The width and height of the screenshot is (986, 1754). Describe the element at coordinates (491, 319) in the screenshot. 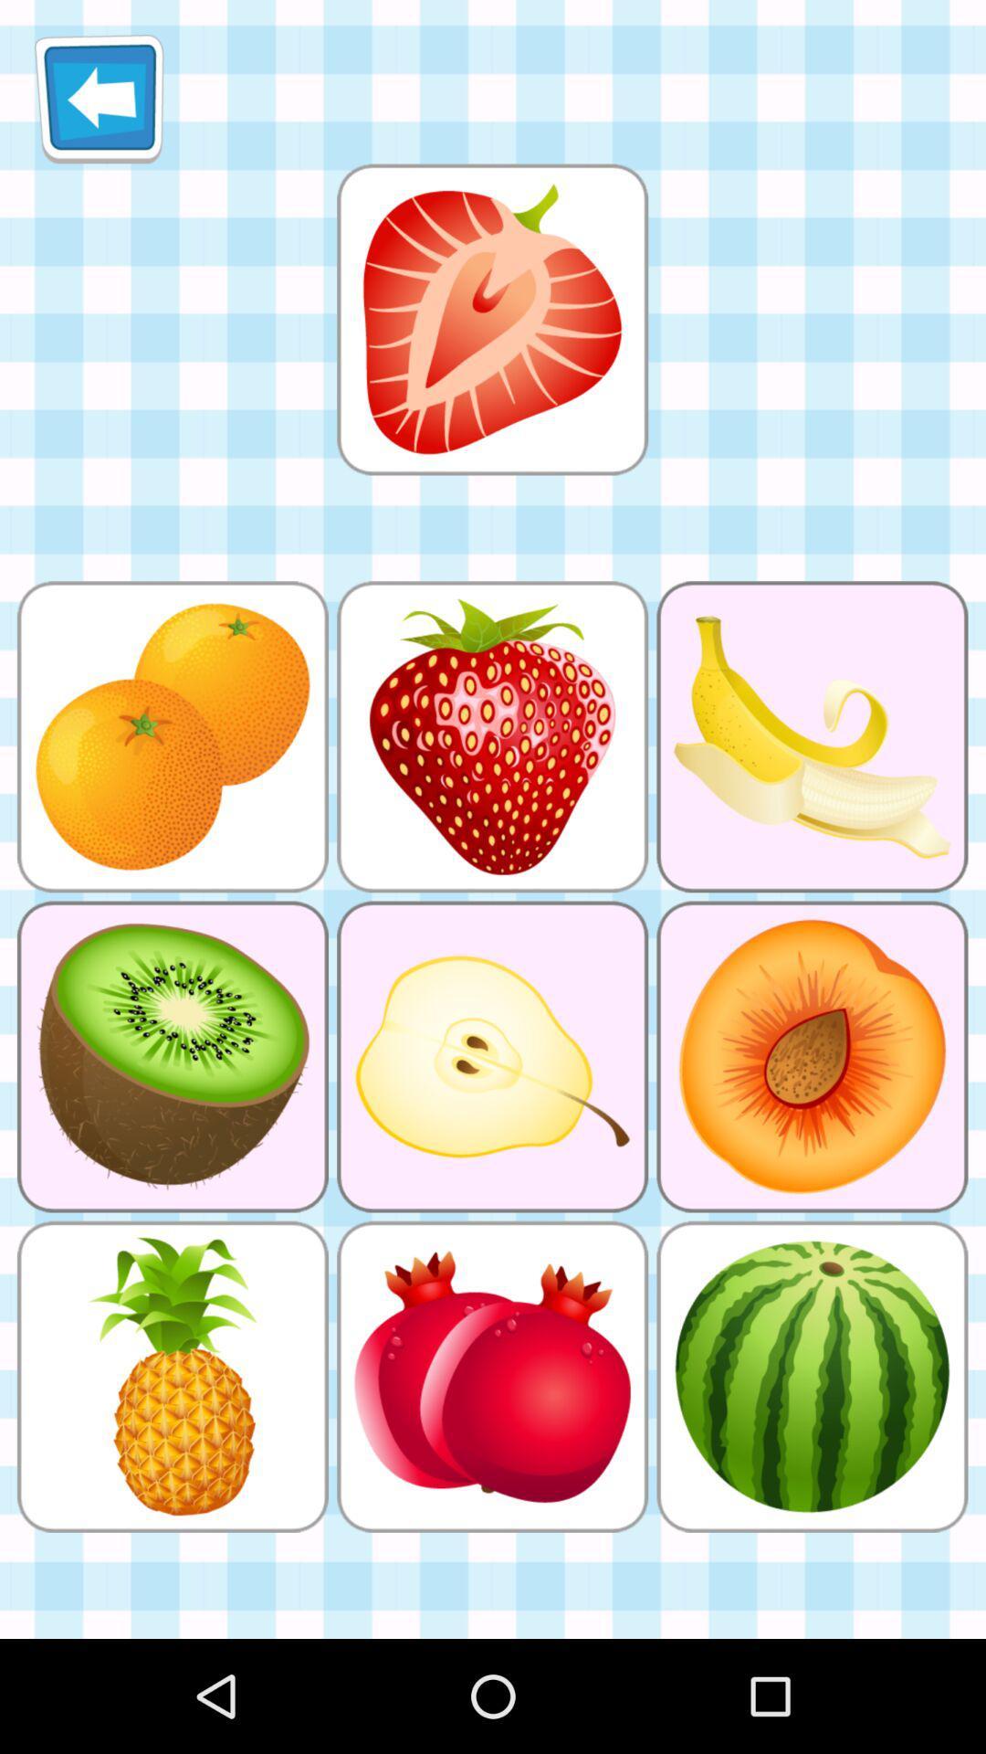

I see `strawberry` at that location.